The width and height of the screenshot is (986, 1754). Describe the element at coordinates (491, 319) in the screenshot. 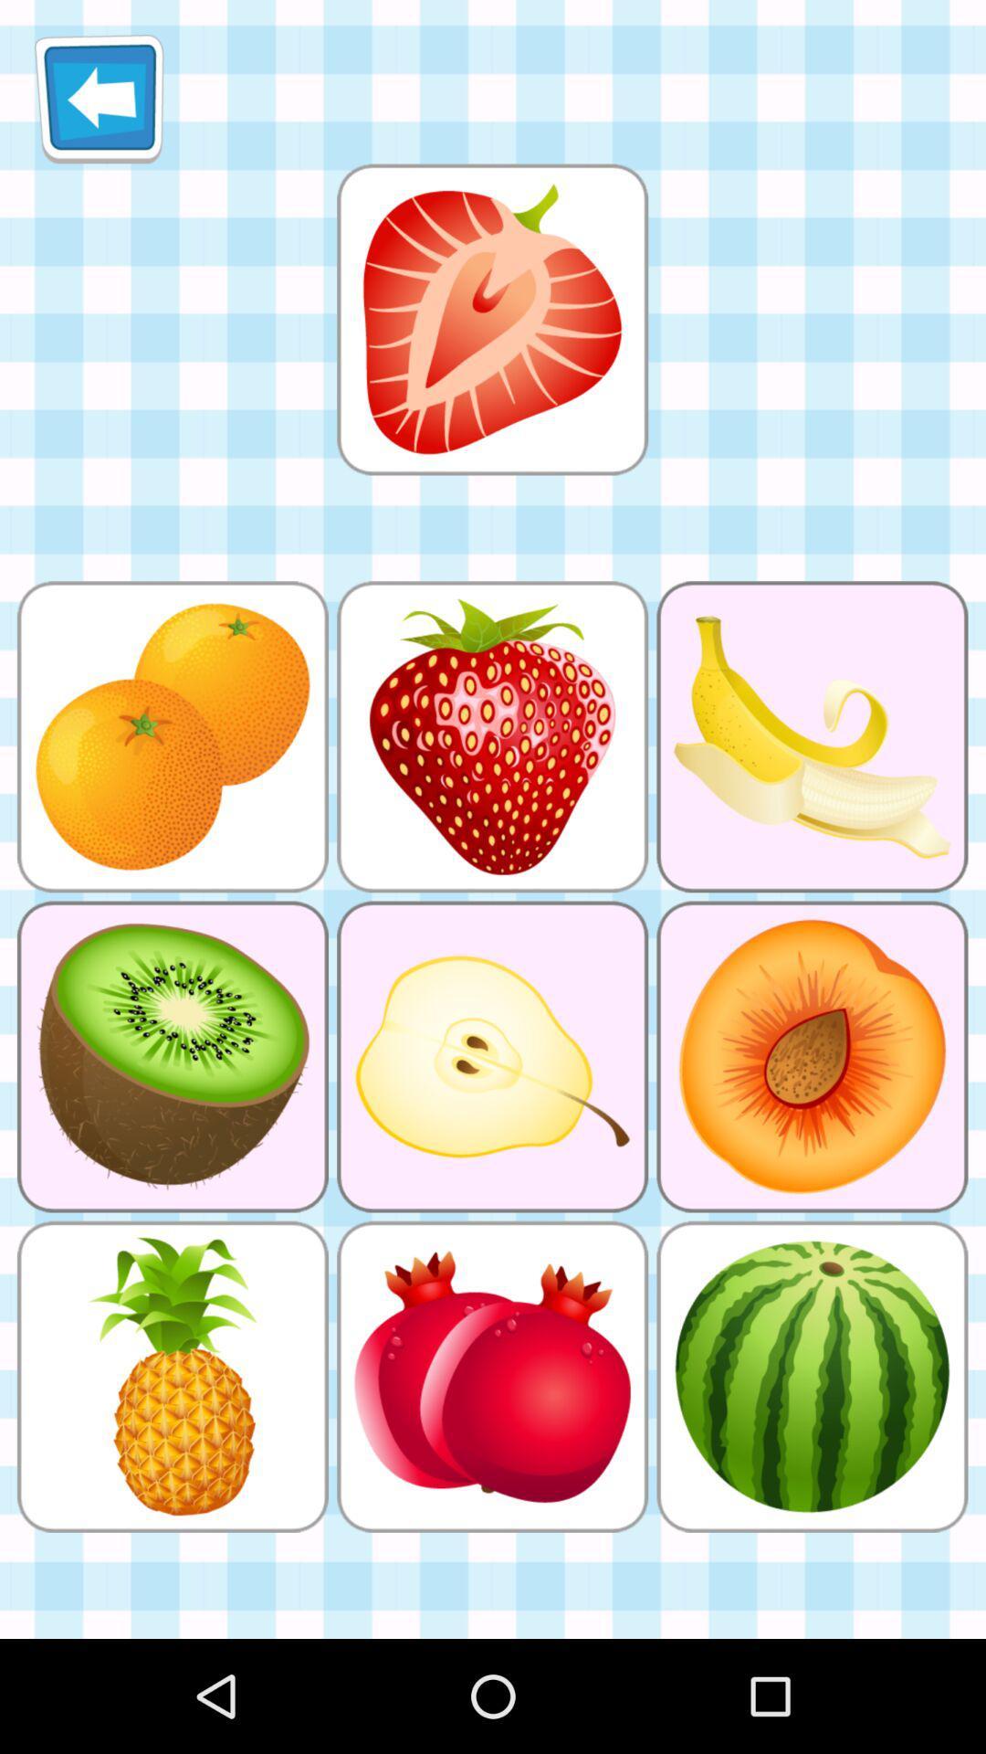

I see `strawberry` at that location.